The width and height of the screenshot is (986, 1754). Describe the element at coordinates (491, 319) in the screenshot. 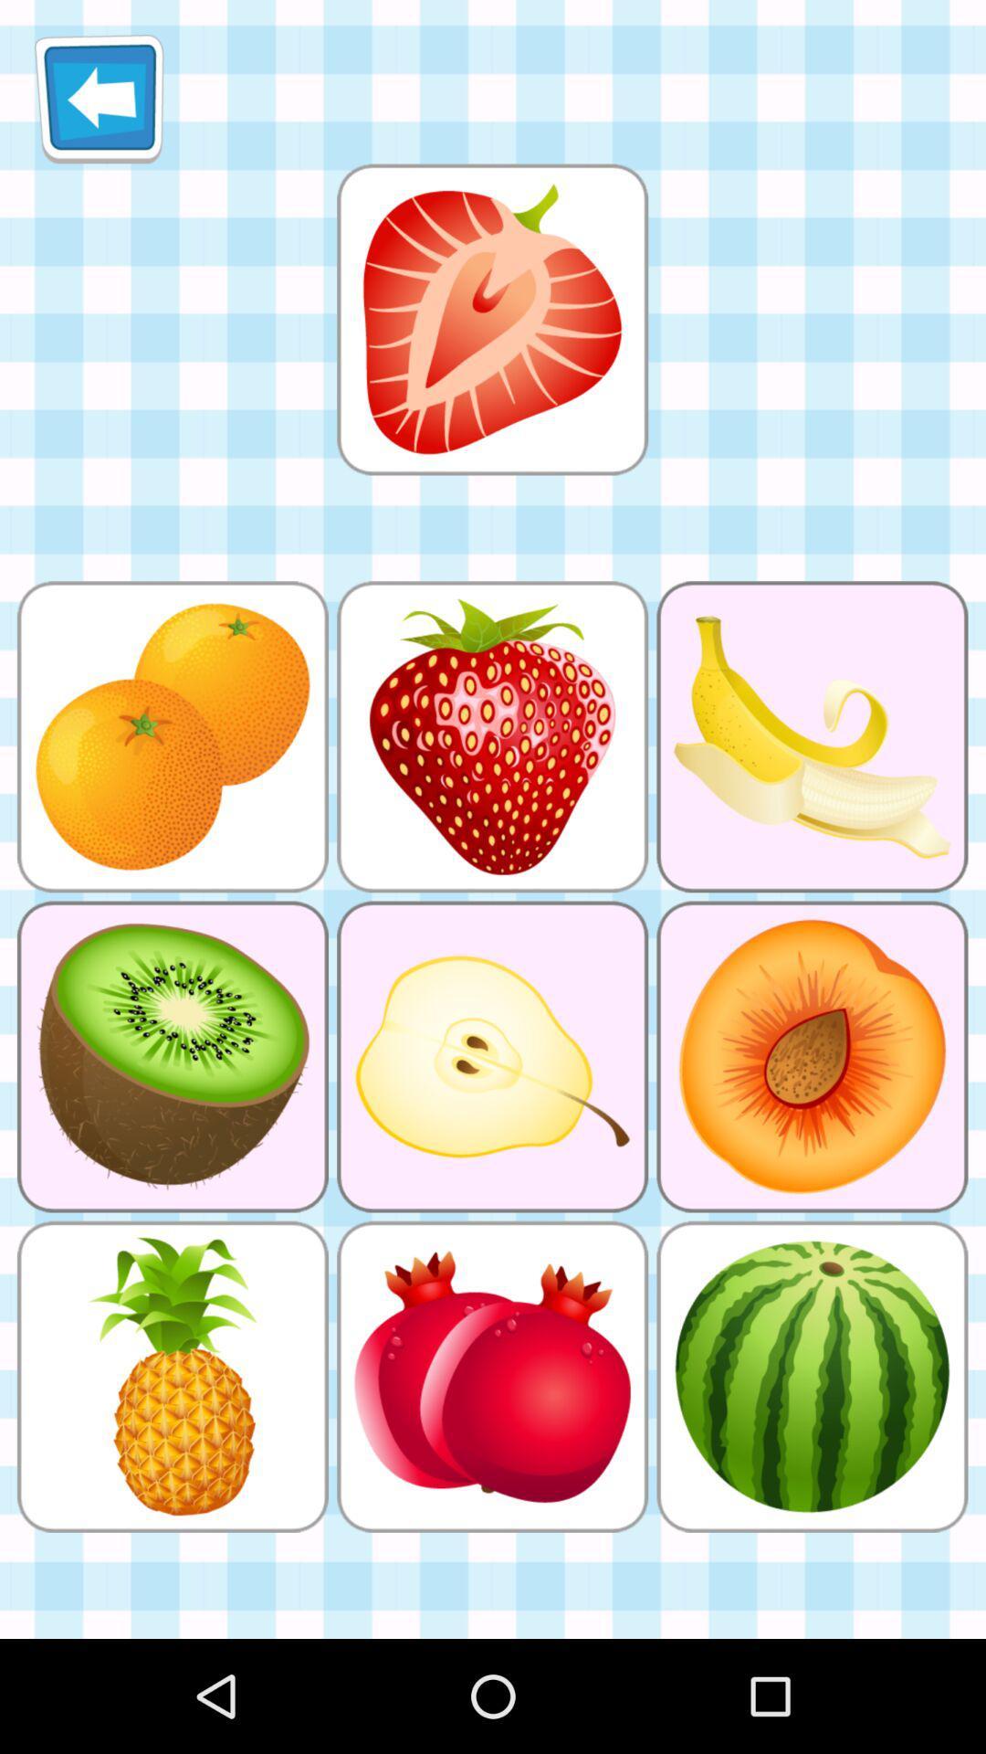

I see `strawberry` at that location.